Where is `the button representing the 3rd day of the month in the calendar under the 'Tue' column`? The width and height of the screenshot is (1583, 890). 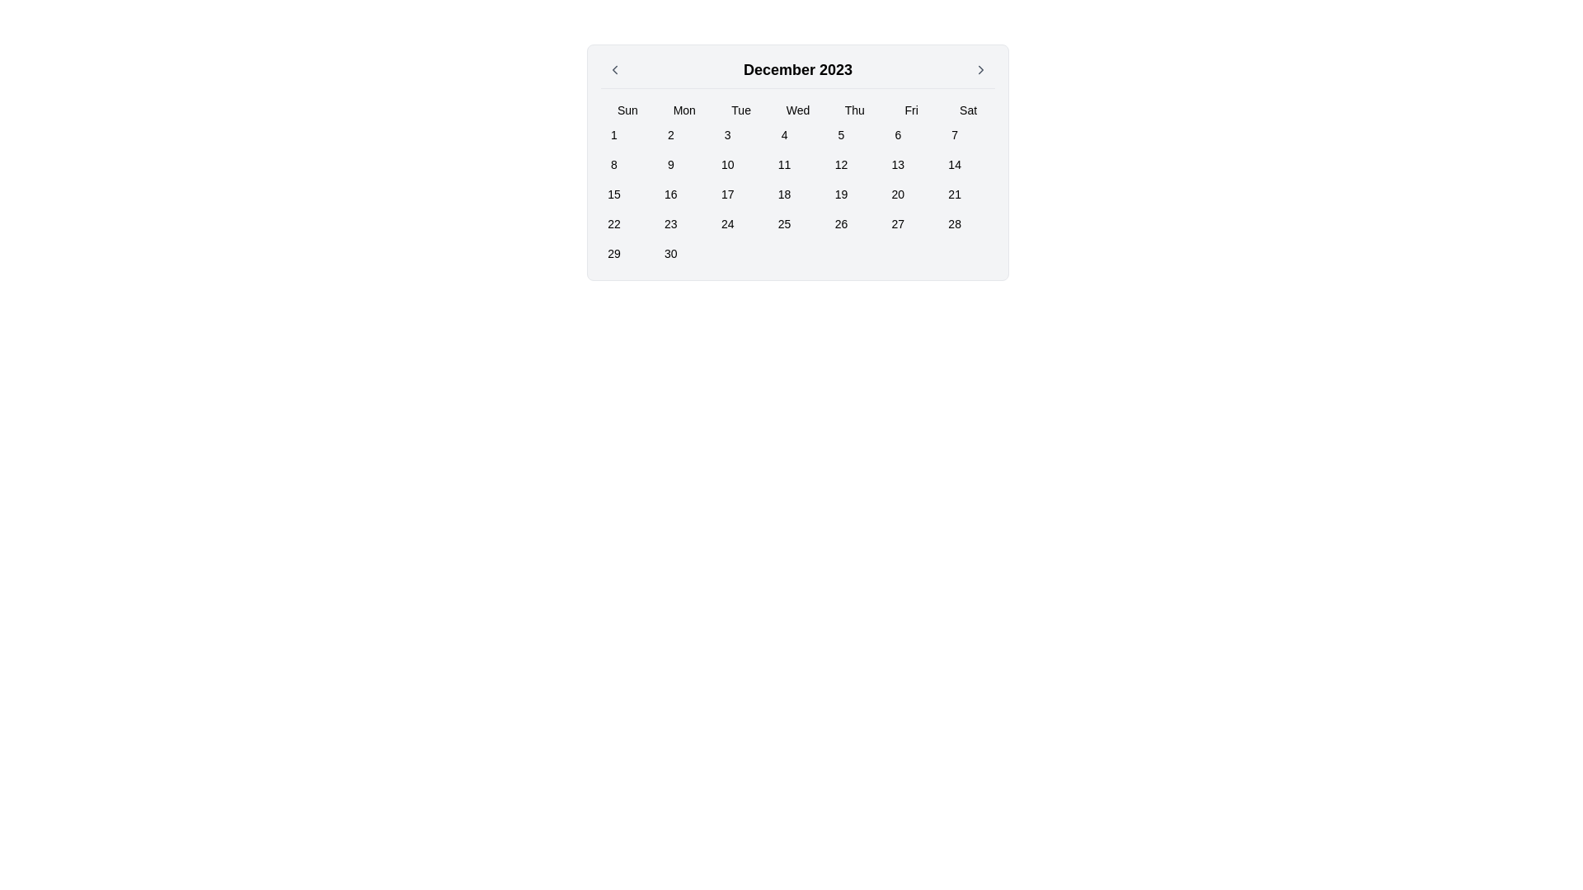
the button representing the 3rd day of the month in the calendar under the 'Tue' column is located at coordinates (726, 134).